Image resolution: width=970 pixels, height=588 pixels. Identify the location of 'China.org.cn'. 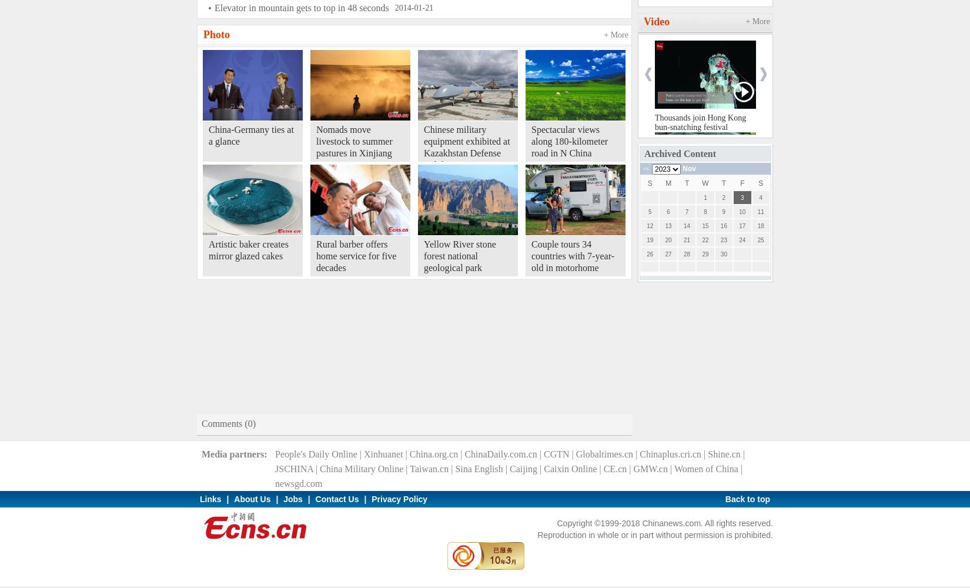
(433, 454).